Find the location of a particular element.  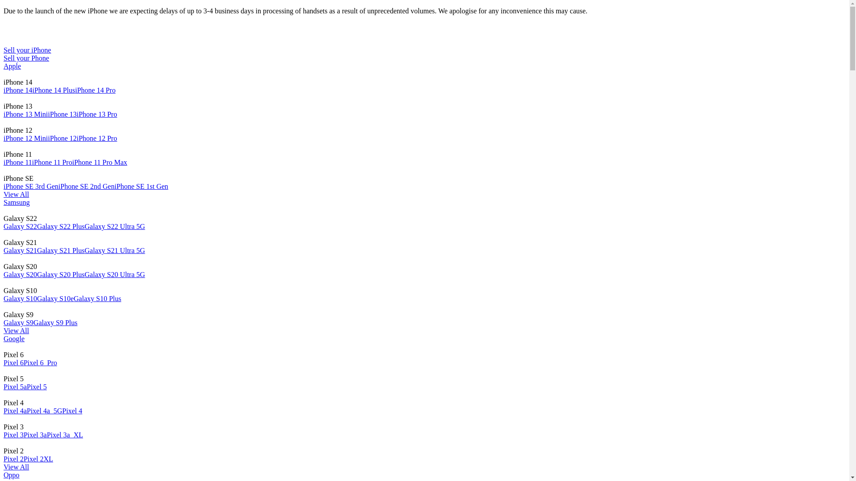

'iPhone 14 Pro' is located at coordinates (95, 90).